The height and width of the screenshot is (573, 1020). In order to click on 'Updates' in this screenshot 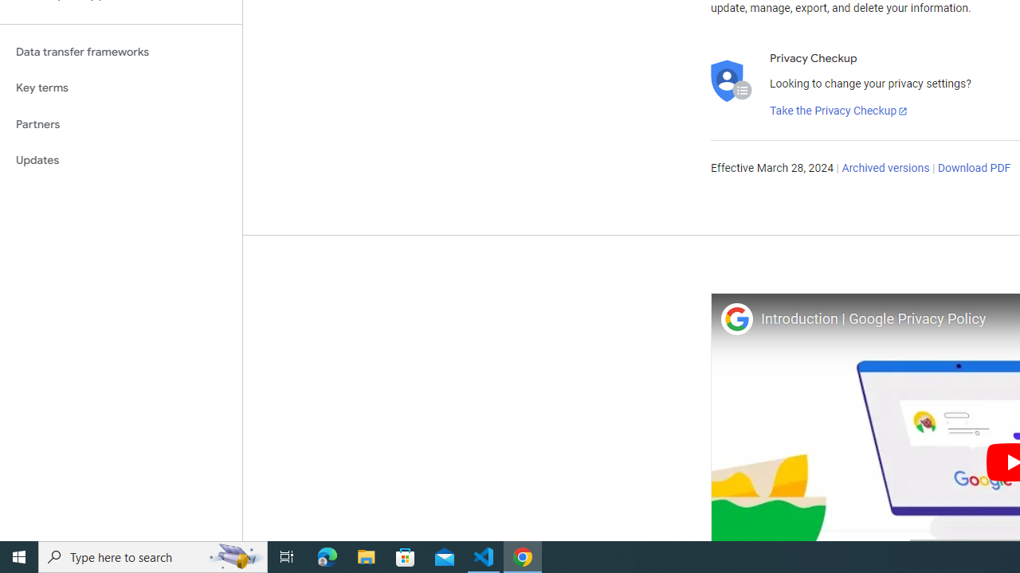, I will do `click(120, 160)`.